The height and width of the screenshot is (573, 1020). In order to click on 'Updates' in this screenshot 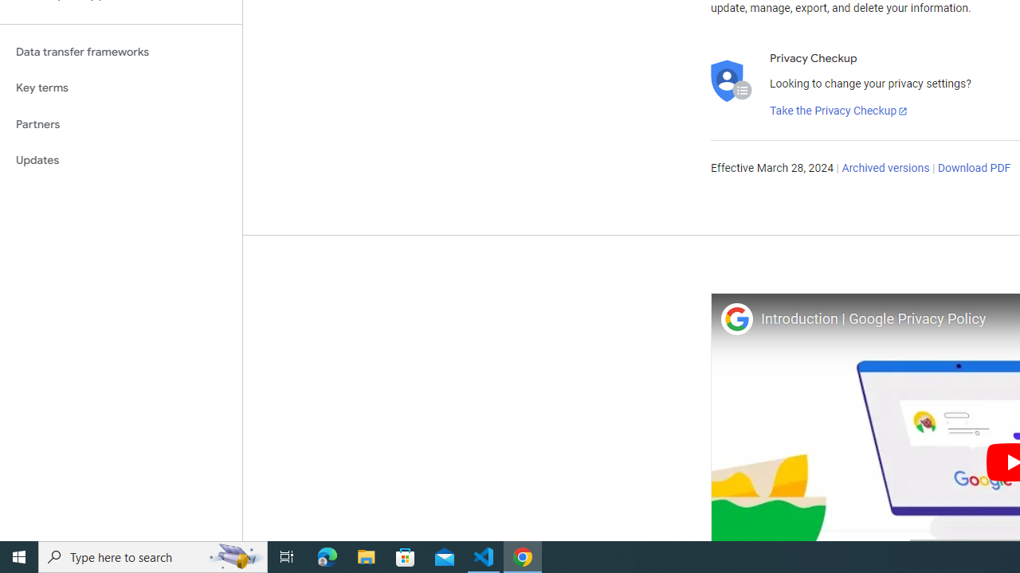, I will do `click(120, 160)`.